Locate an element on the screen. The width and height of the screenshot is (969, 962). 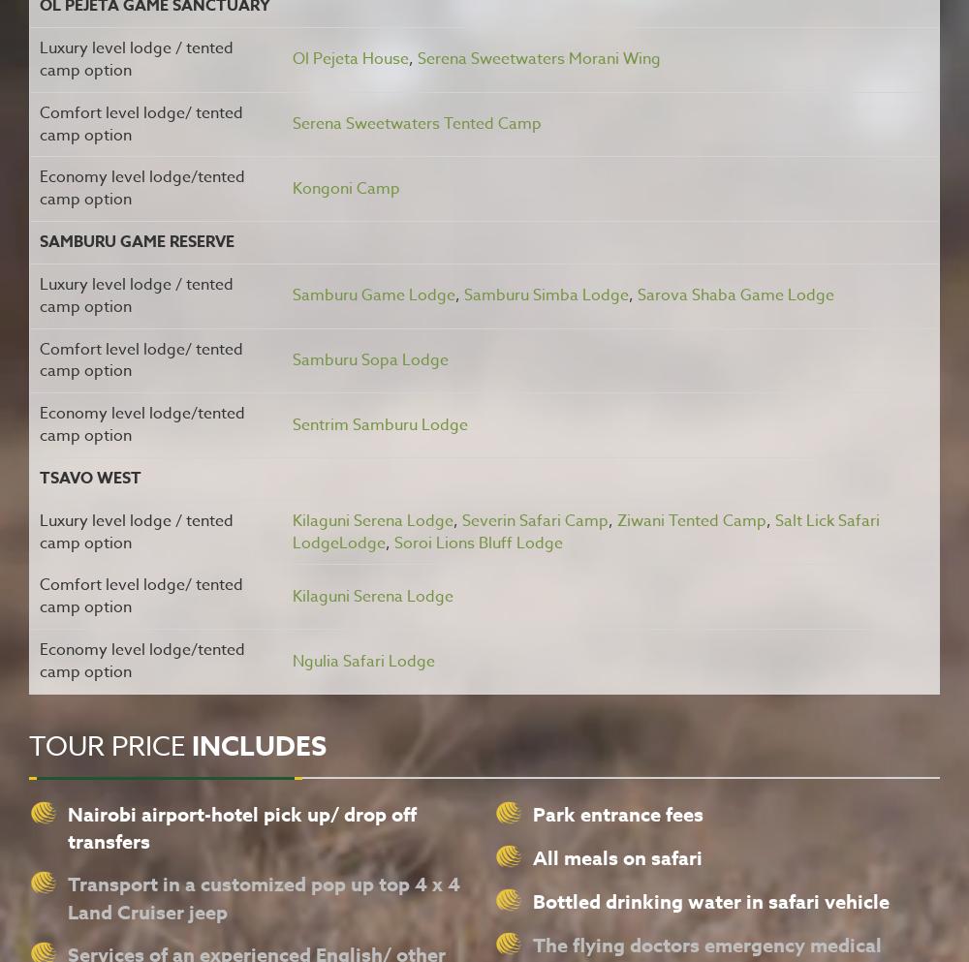
'Sarova Shaba Game Lodge' is located at coordinates (637, 295).